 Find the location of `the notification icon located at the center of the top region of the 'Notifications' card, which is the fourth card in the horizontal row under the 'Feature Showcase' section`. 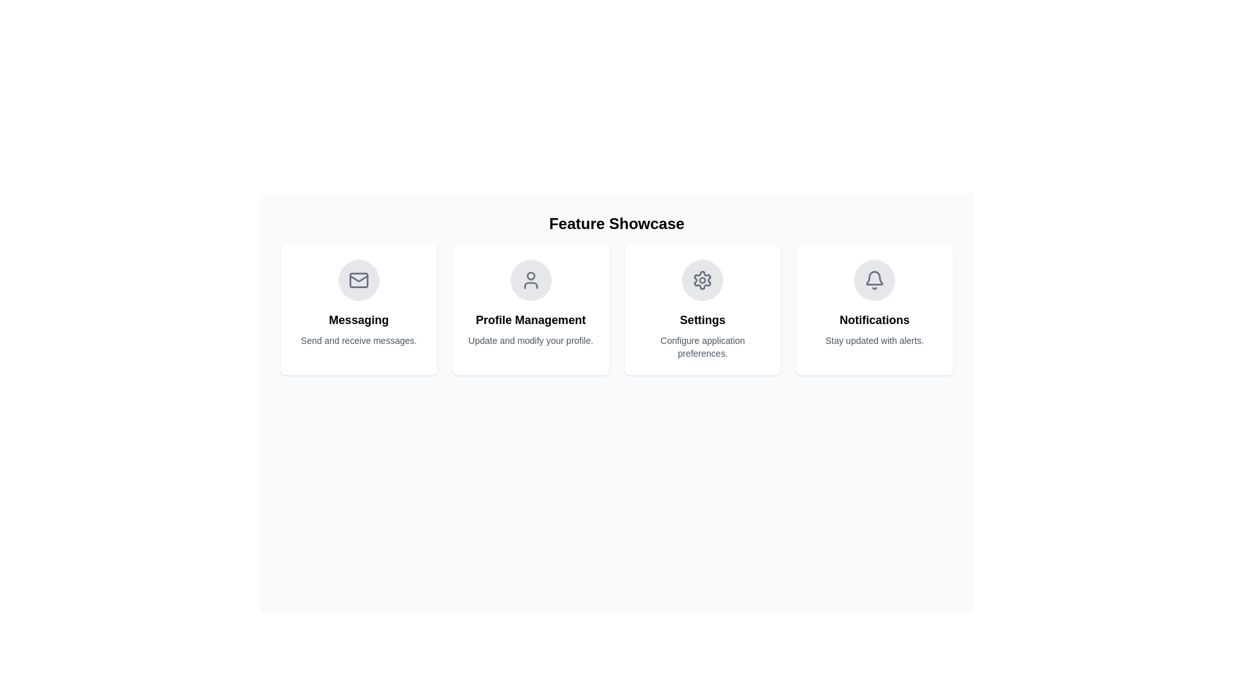

the notification icon located at the center of the top region of the 'Notifications' card, which is the fourth card in the horizontal row under the 'Feature Showcase' section is located at coordinates (874, 279).